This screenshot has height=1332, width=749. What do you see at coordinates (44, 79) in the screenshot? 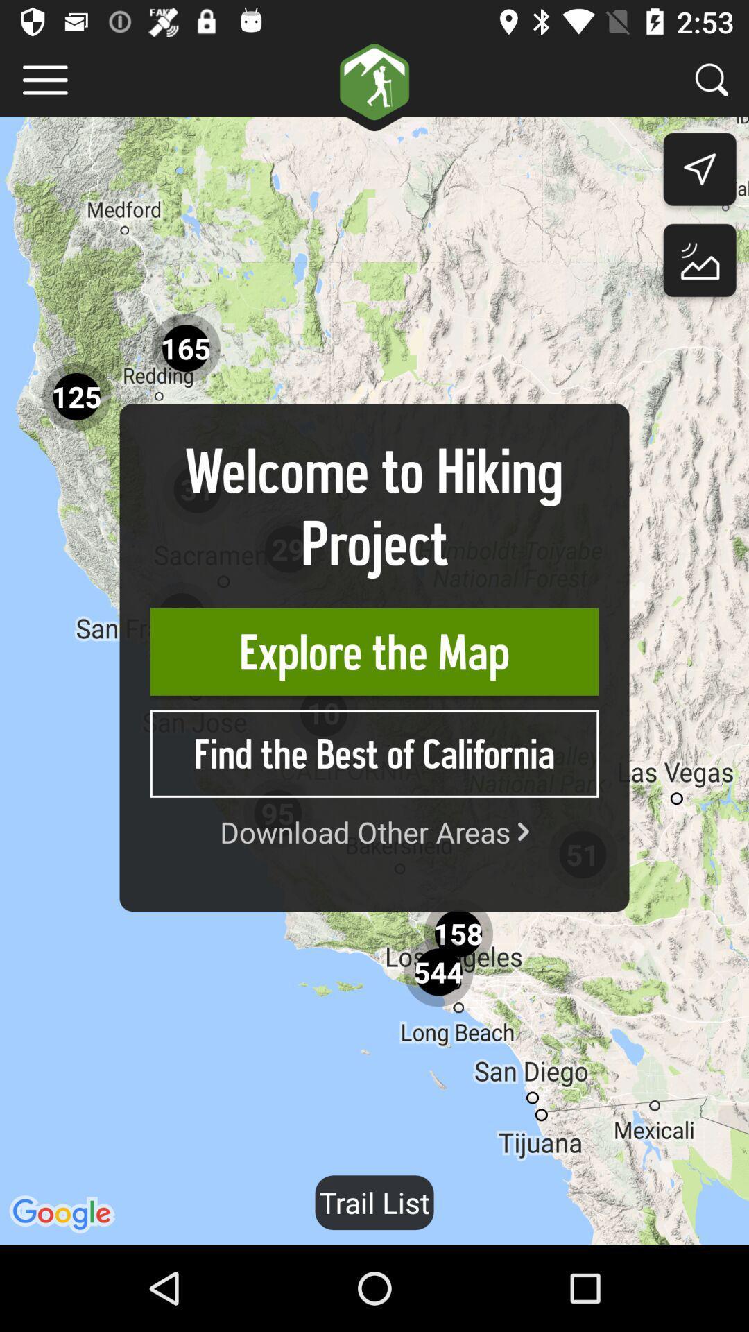
I see `more details` at bounding box center [44, 79].